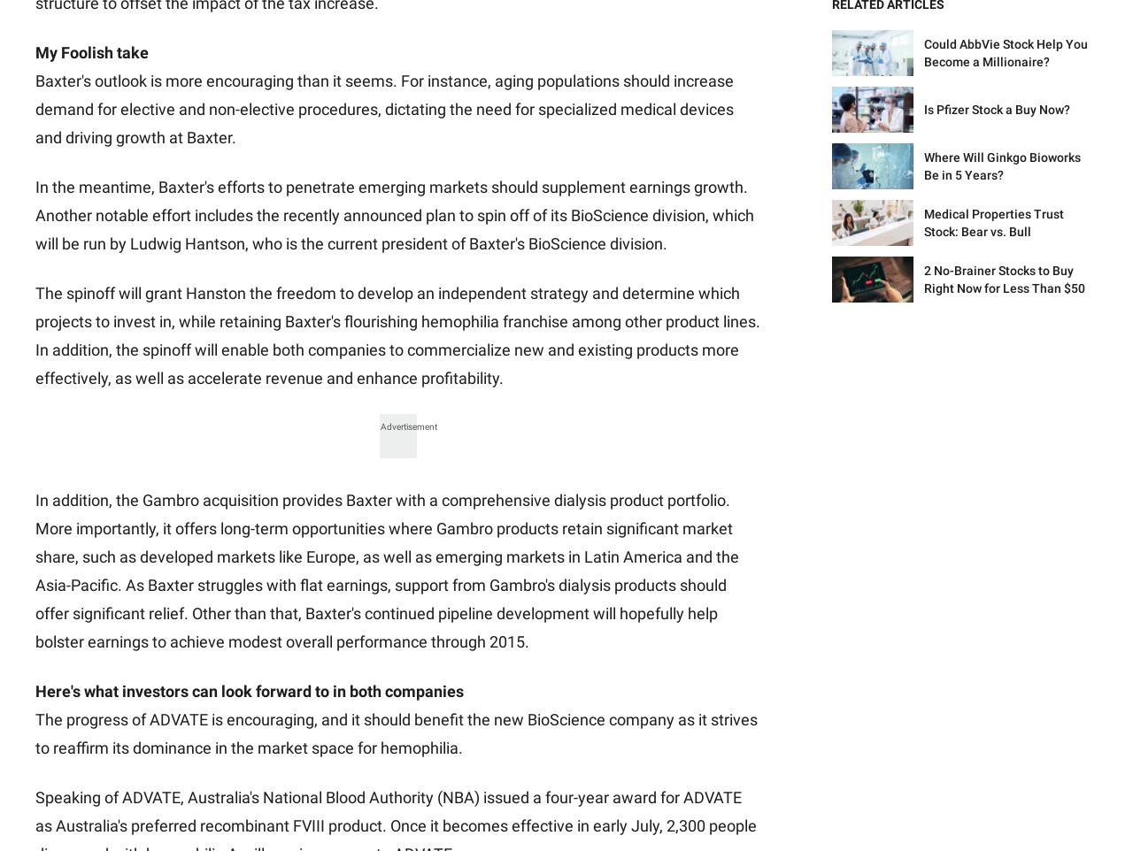 This screenshot has width=1133, height=851. What do you see at coordinates (478, 348) in the screenshot?
I see `'Rule Breakers'` at bounding box center [478, 348].